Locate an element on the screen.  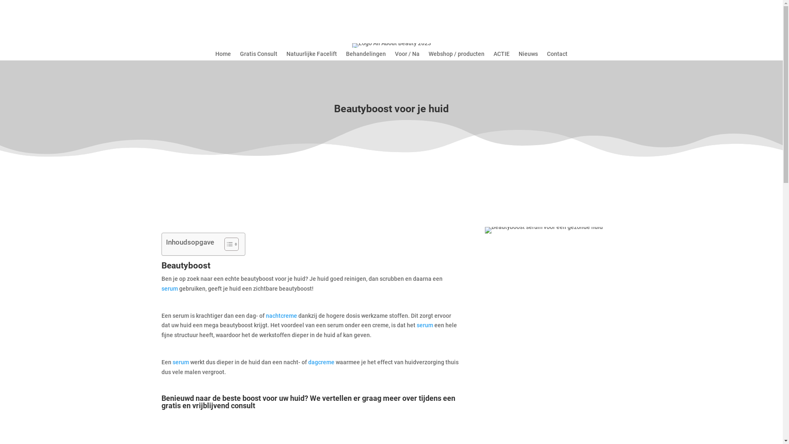
'Behandelingen' is located at coordinates (365, 55).